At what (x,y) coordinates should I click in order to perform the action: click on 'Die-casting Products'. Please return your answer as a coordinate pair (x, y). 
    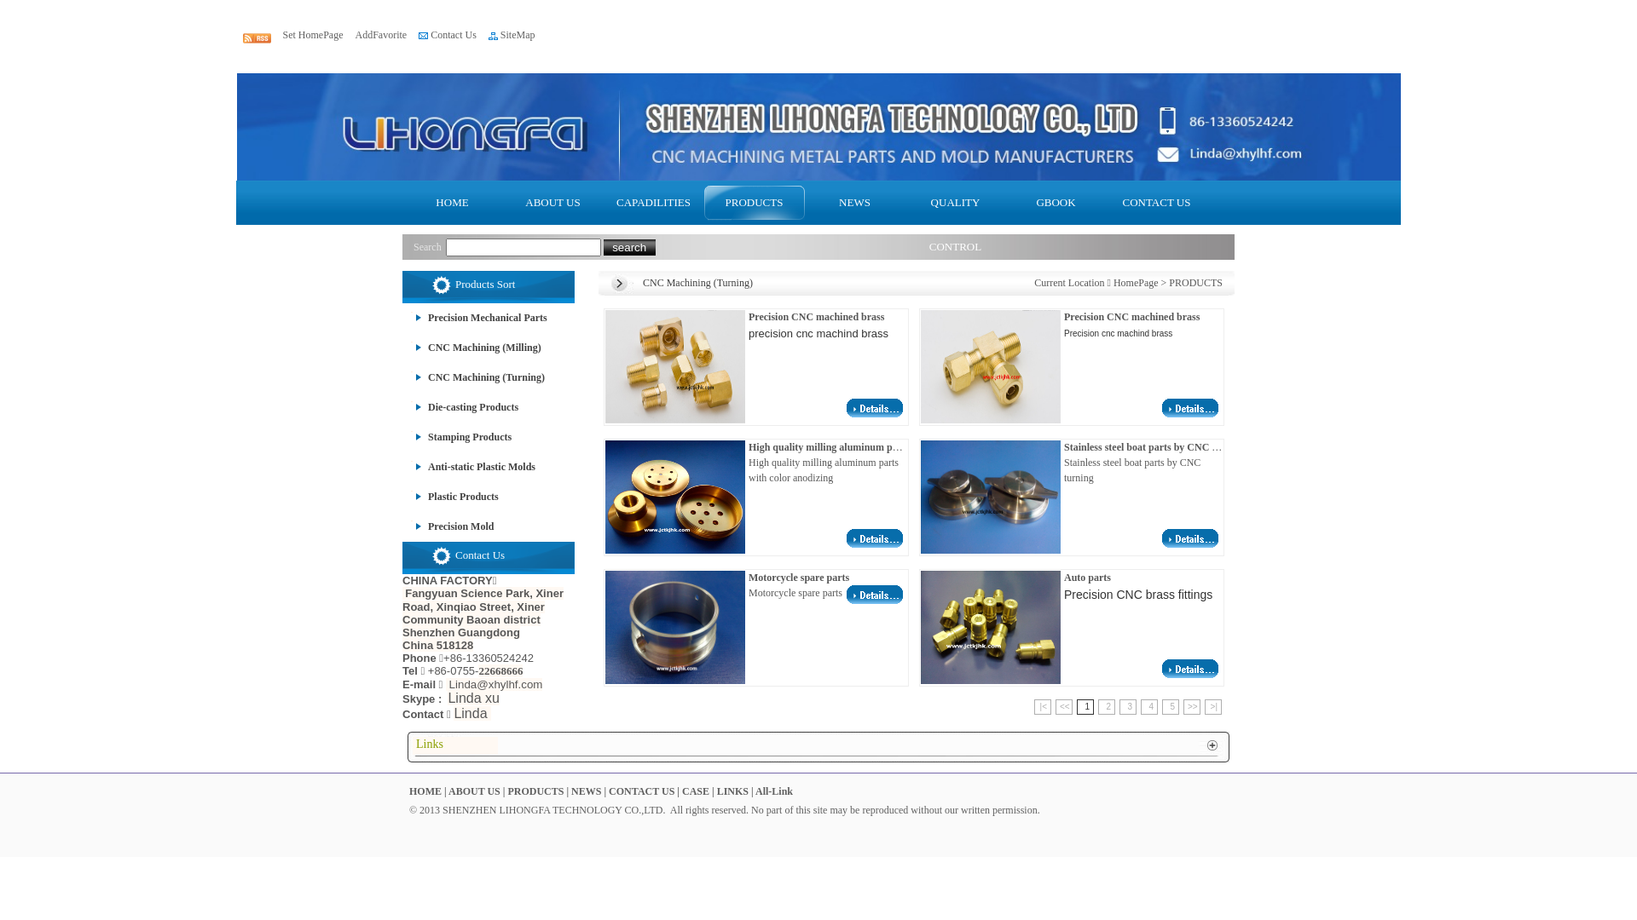
    Looking at the image, I should click on (460, 407).